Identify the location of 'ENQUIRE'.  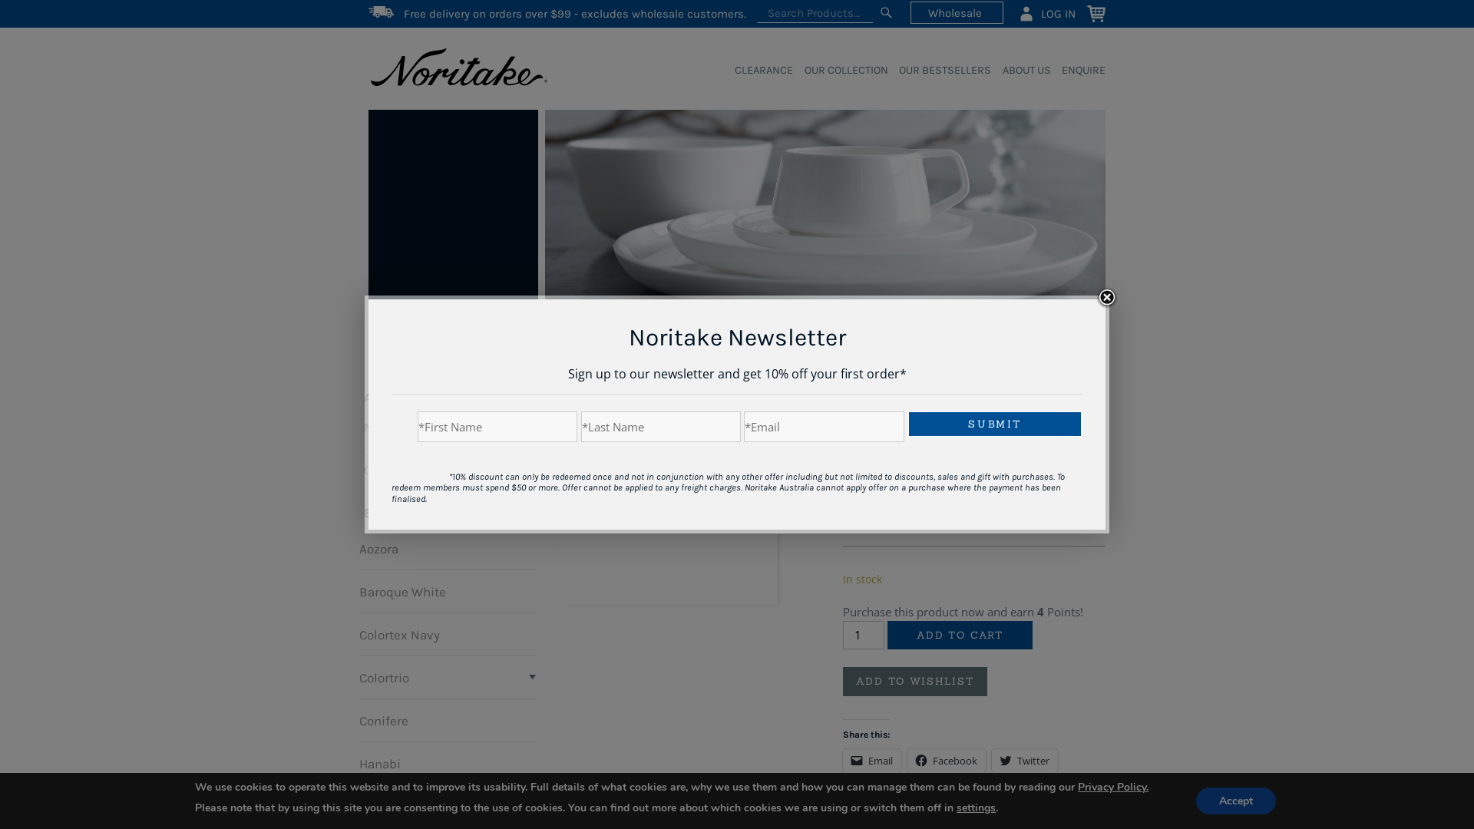
(1077, 71).